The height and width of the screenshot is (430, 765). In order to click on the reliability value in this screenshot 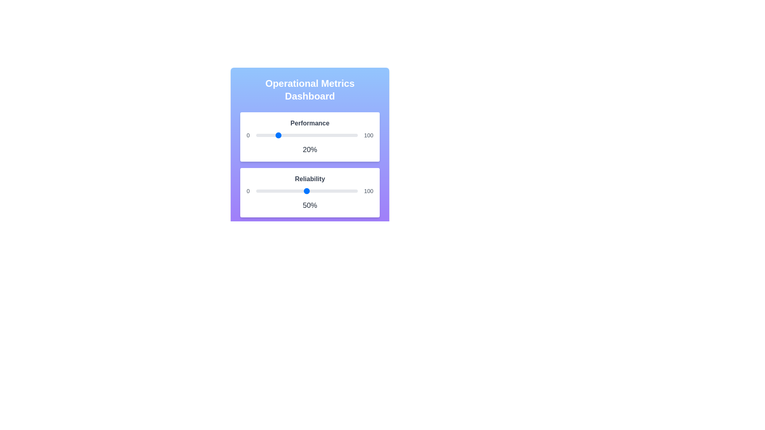, I will do `click(278, 191)`.